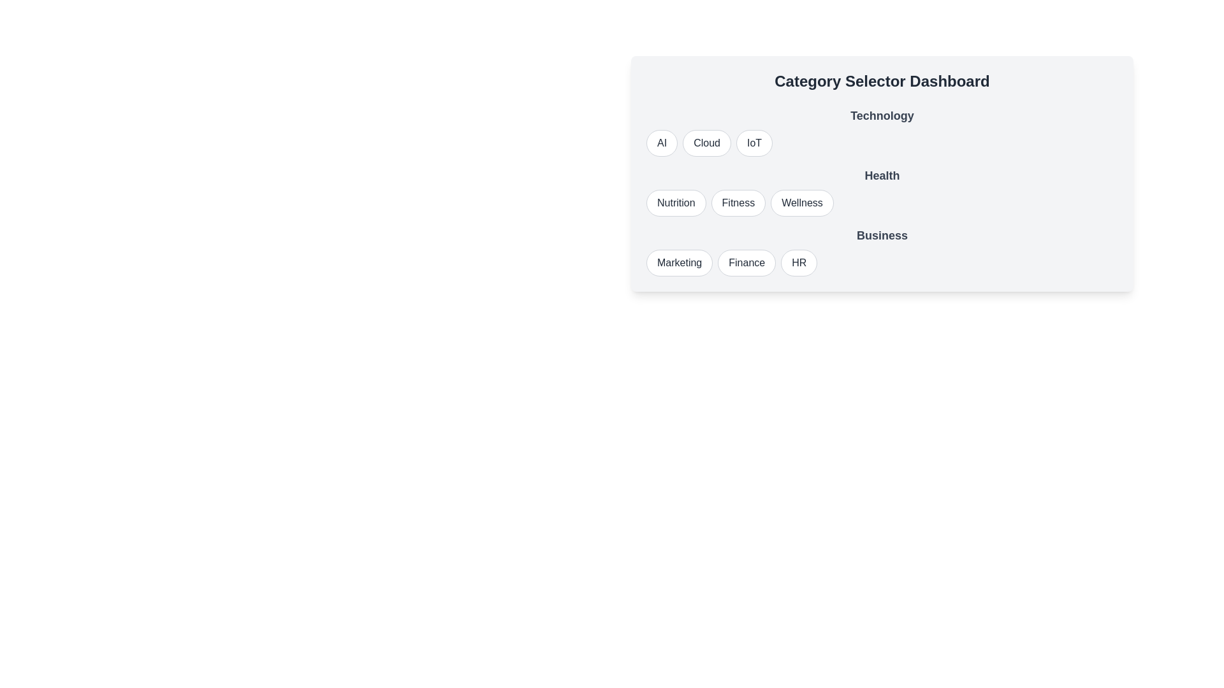 Image resolution: width=1224 pixels, height=688 pixels. What do you see at coordinates (754, 143) in the screenshot?
I see `the option IoT from the category Technology` at bounding box center [754, 143].